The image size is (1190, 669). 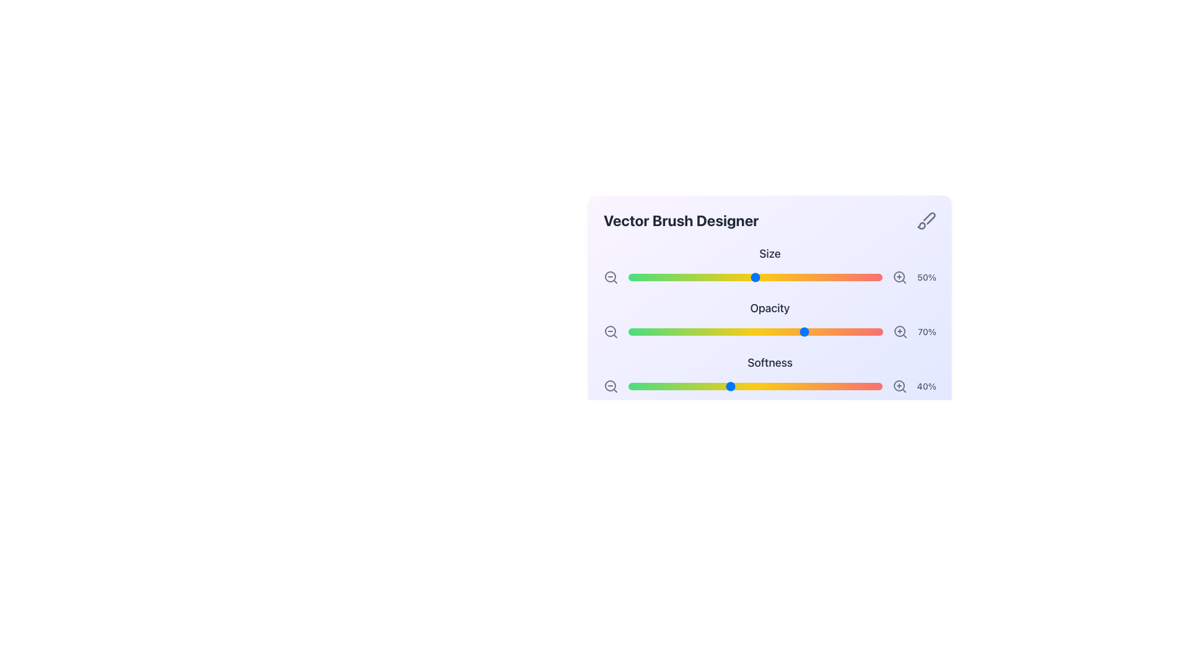 I want to click on the zoom-out button located on the leftmost side of the row containing the '40%' label and the softness adjustment slider, so click(x=610, y=386).